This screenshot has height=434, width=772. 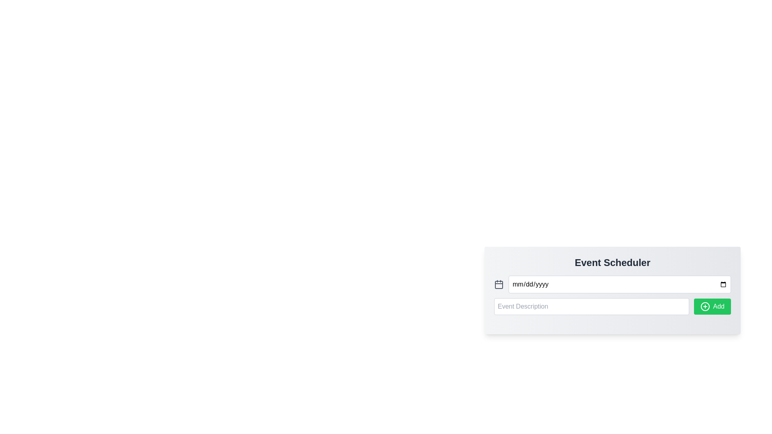 I want to click on the green button containing the SVG circle icon, which visually suggests the function of adding or submitting information in the event scheduler, so click(x=704, y=307).